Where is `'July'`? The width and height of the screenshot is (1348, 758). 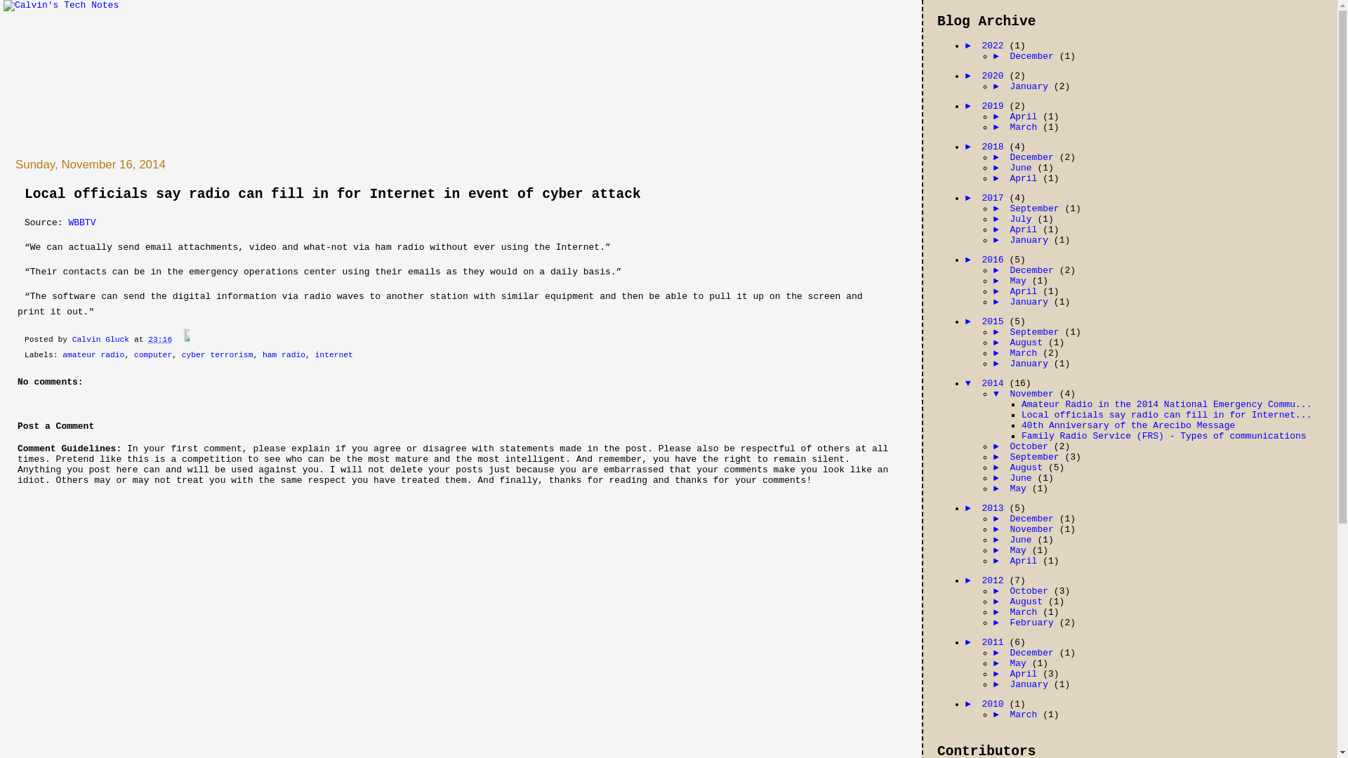
'July' is located at coordinates (1009, 219).